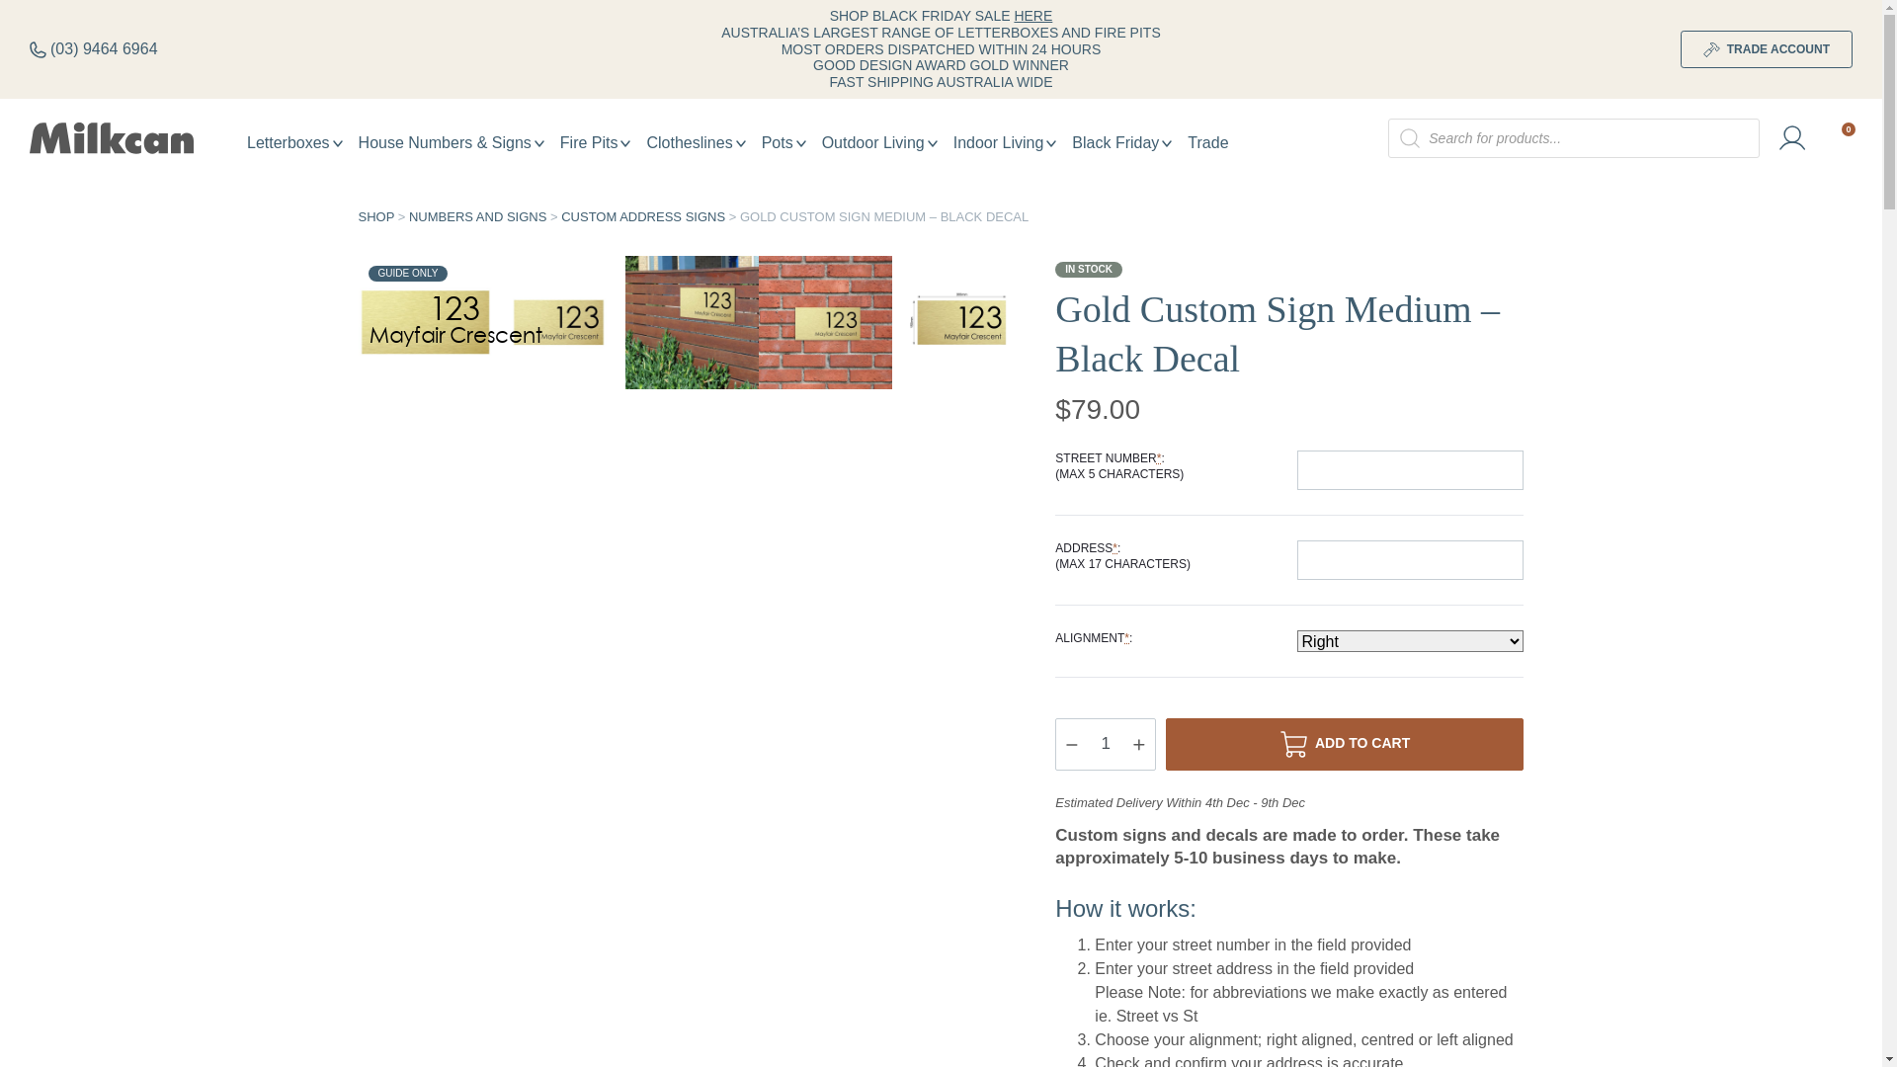 Image resolution: width=1897 pixels, height=1067 pixels. Describe the element at coordinates (878, 141) in the screenshot. I see `'Outdoor Living'` at that location.